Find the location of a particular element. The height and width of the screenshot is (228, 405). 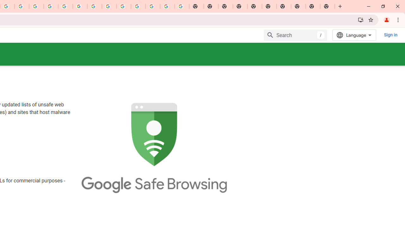

'Language' is located at coordinates (354, 35).